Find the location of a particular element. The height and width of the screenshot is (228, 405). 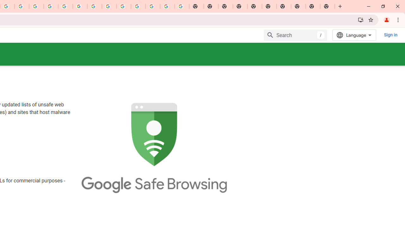

'Language' is located at coordinates (354, 35).